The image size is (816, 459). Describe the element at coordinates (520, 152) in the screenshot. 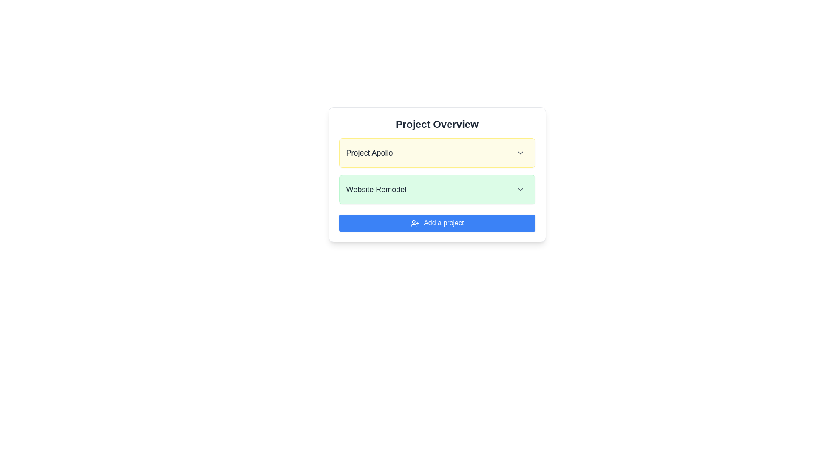

I see `the downward-pointing chevron icon within the 'Project Apollo' dropdown` at that location.